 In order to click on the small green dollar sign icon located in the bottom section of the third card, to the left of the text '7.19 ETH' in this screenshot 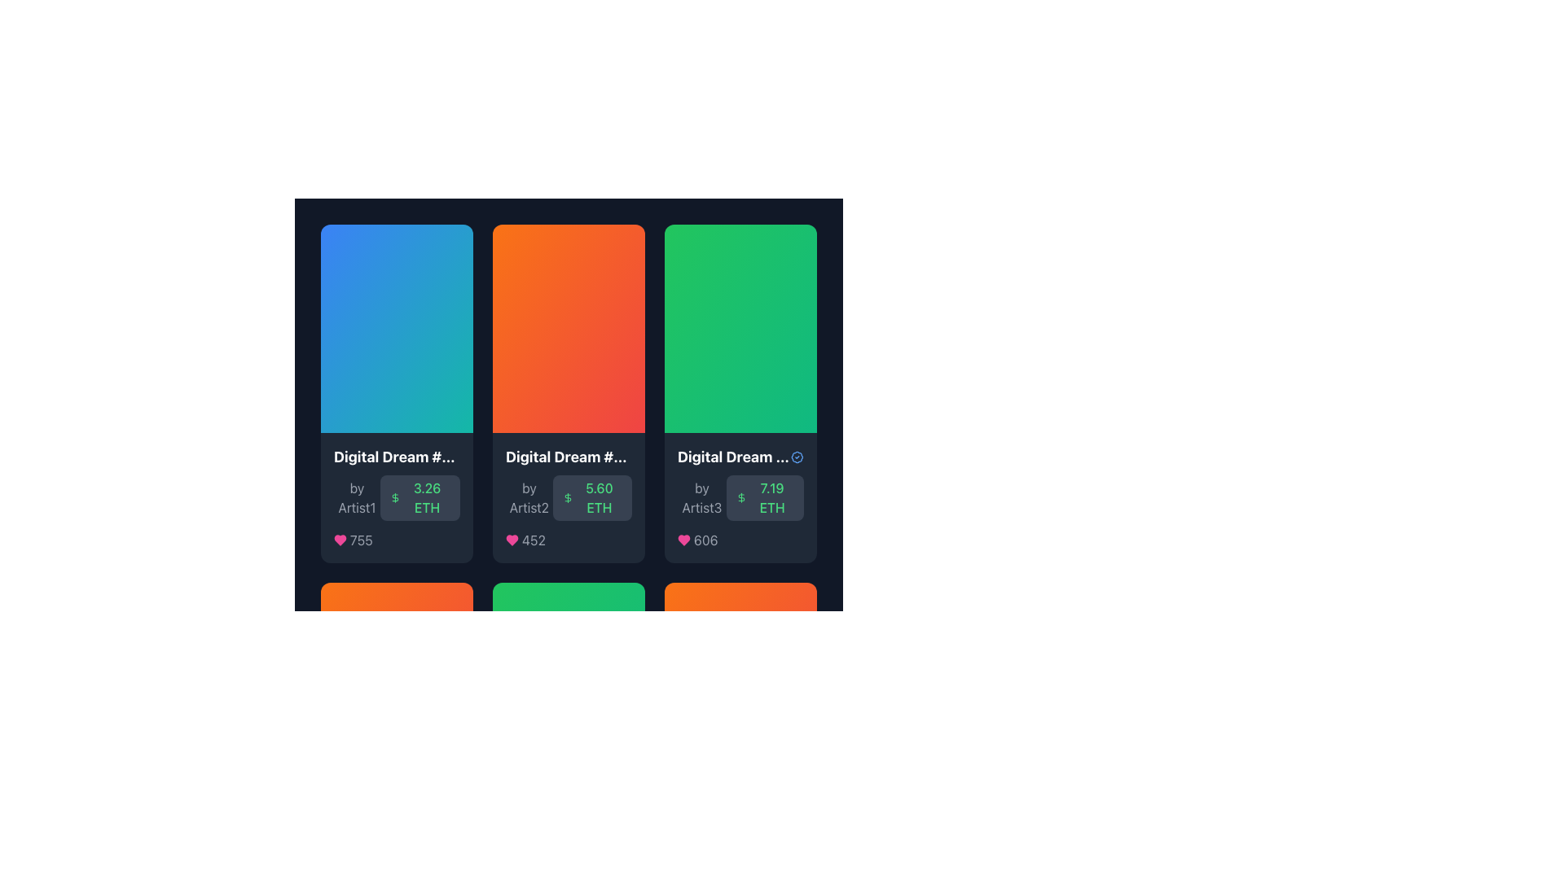, I will do `click(740, 497)`.